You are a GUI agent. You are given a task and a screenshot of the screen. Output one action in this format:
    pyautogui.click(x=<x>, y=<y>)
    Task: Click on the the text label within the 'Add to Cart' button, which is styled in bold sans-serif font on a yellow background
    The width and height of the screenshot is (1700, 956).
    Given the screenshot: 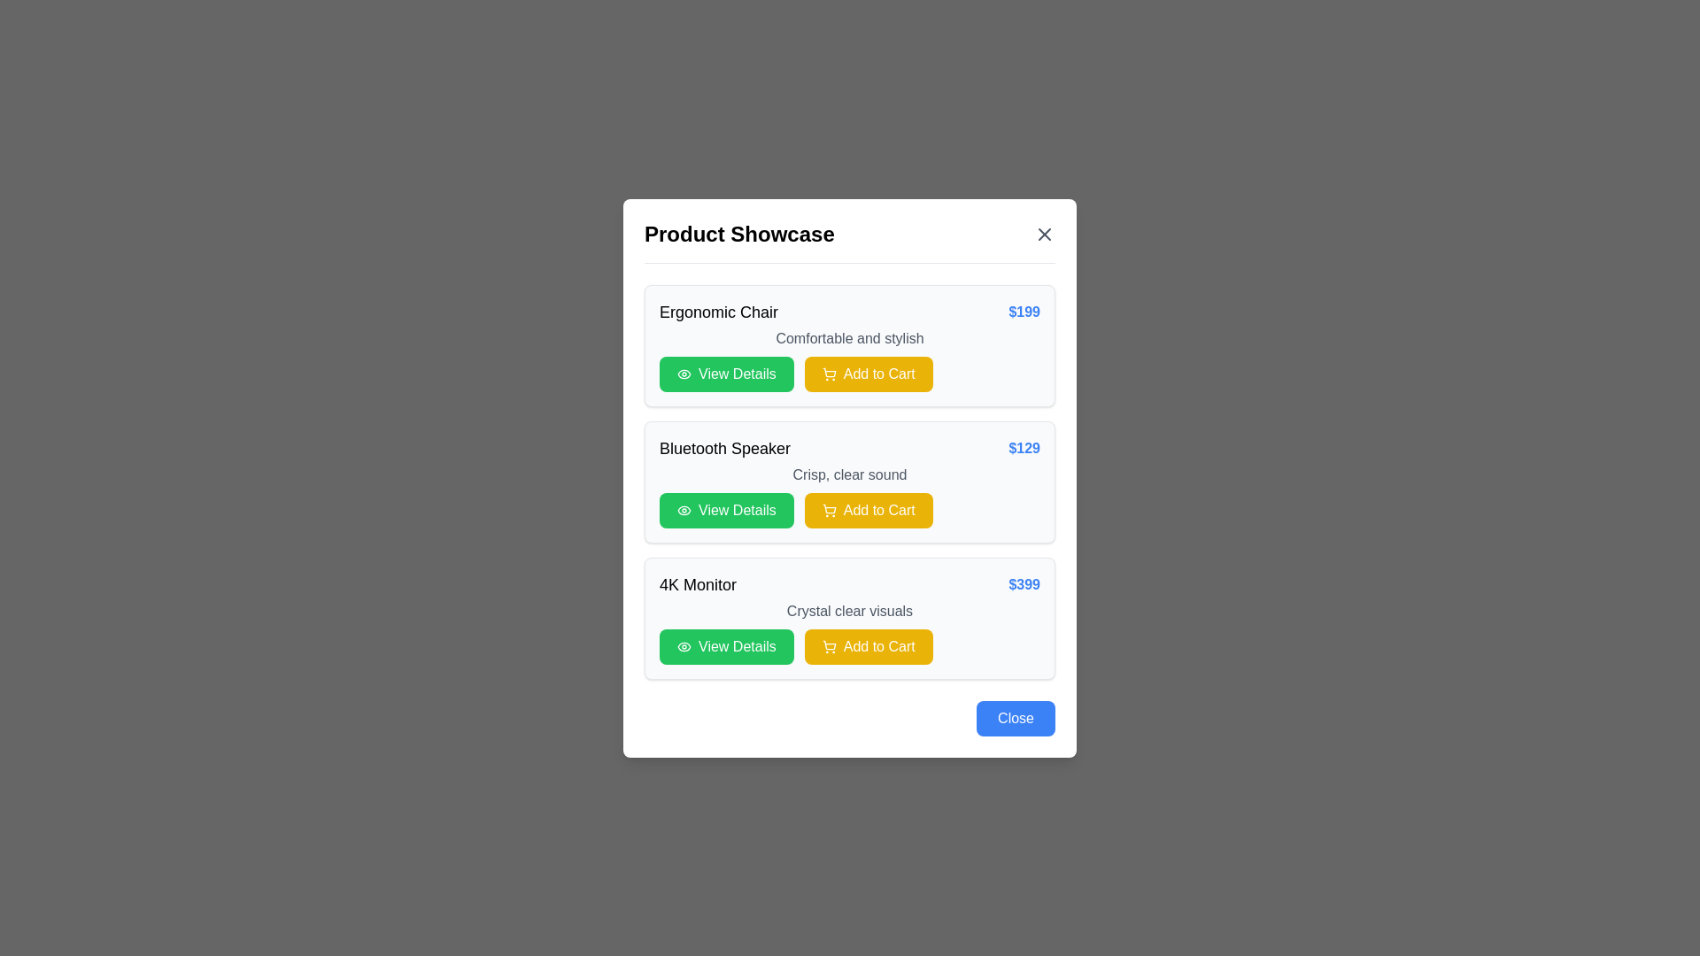 What is the action you would take?
    pyautogui.click(x=879, y=373)
    